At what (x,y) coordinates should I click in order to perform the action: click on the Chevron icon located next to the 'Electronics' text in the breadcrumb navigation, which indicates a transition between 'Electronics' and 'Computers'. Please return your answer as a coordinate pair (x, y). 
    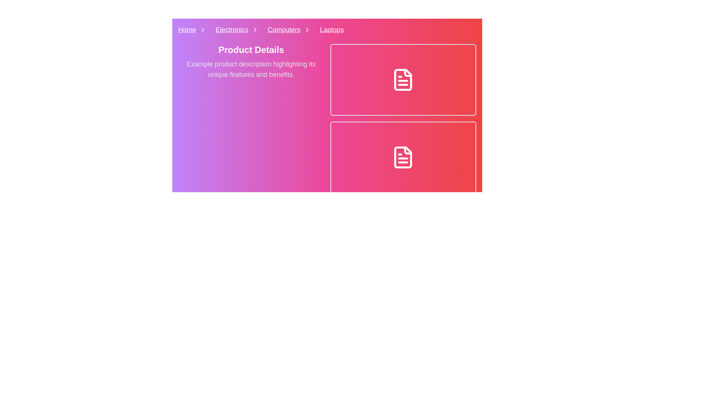
    Looking at the image, I should click on (255, 29).